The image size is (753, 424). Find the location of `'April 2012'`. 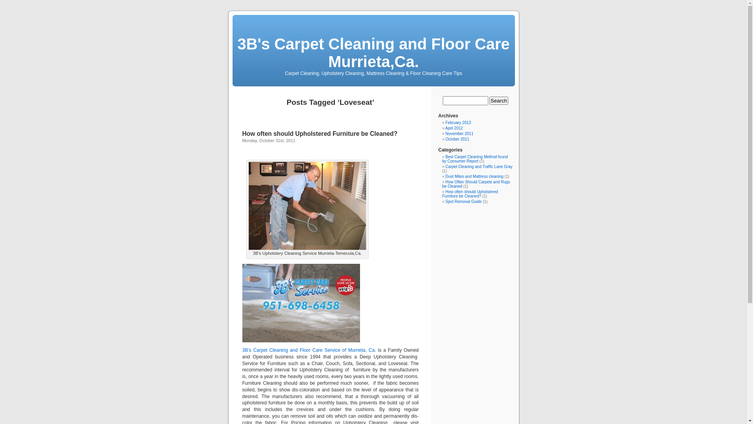

'April 2012' is located at coordinates (445, 128).